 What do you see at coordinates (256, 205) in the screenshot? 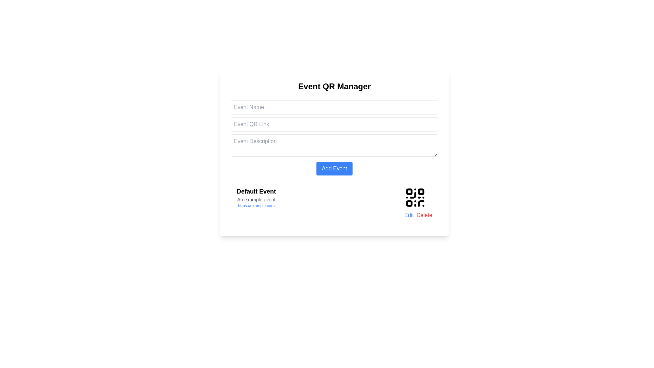
I see `the hyperlink labeled 'https://example.com' which is located under the section 'Default Event' and above a QR code` at bounding box center [256, 205].